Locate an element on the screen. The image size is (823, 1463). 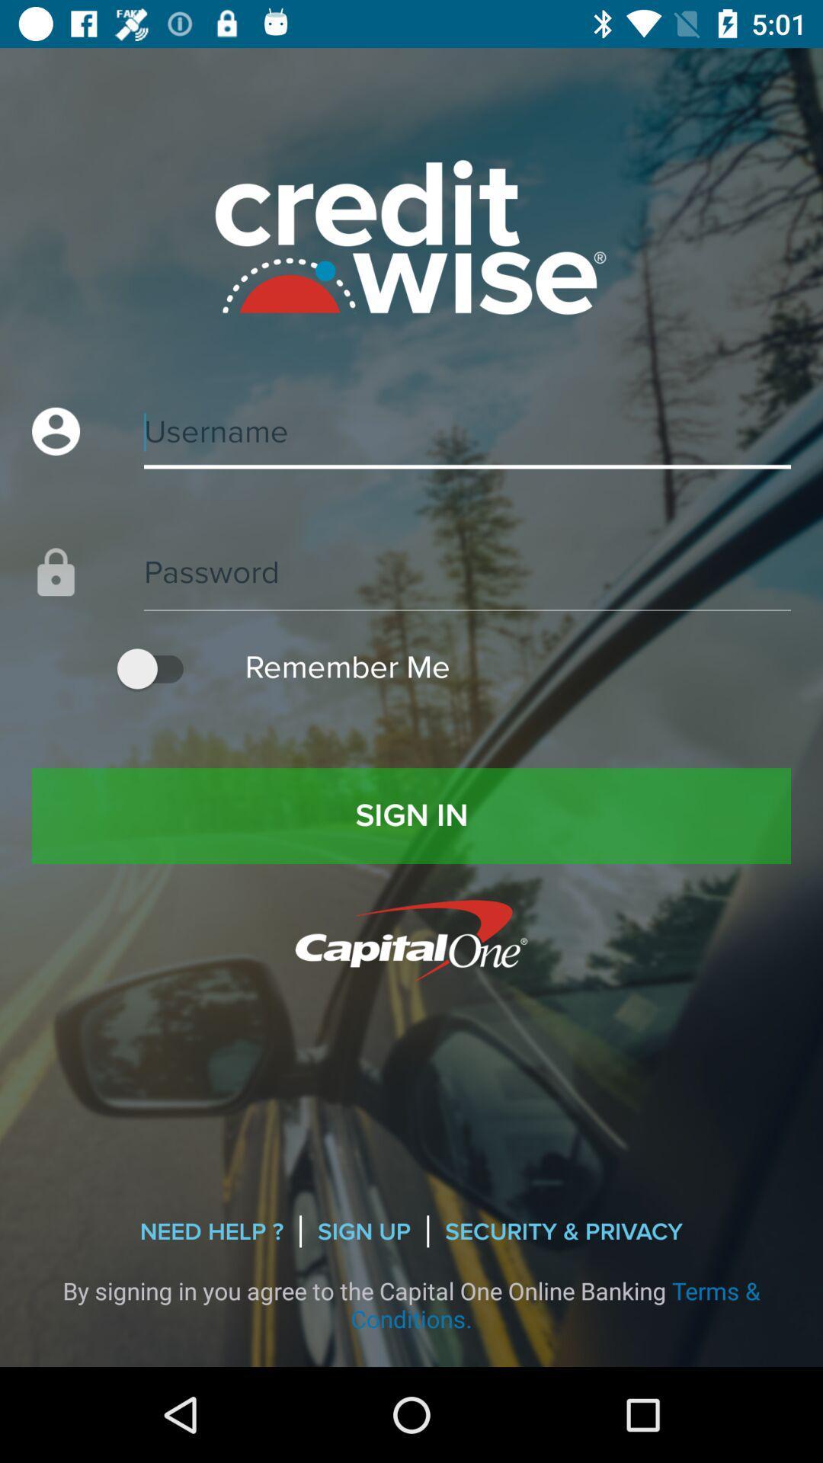
security & privacy icon is located at coordinates (564, 1231).